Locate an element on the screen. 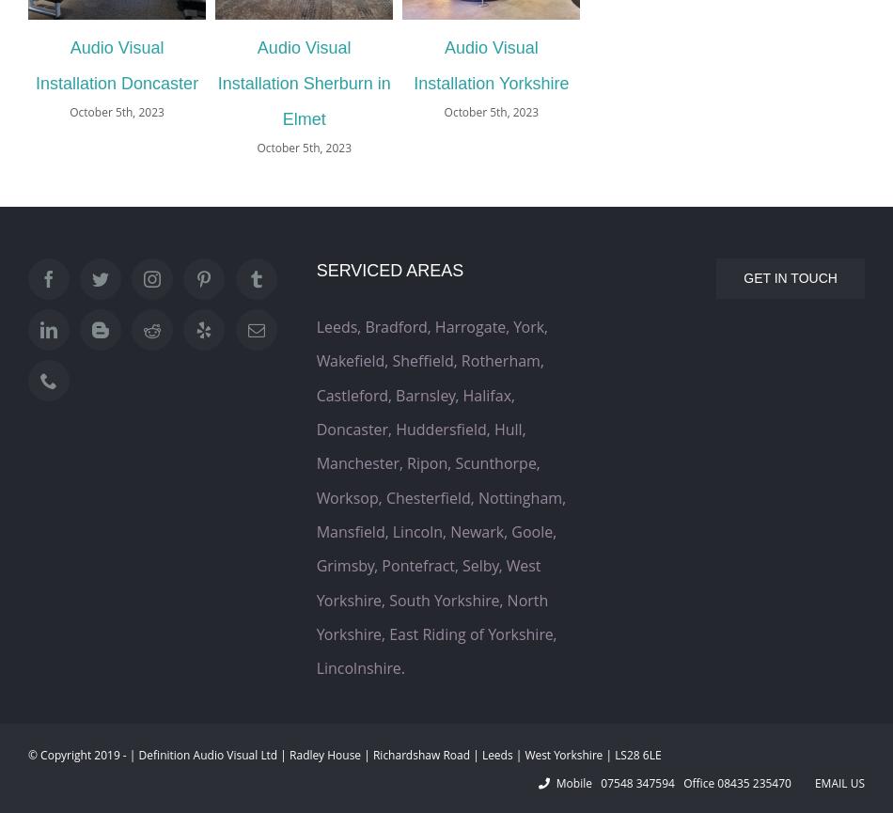  '© Copyright 2019 -' is located at coordinates (78, 753).